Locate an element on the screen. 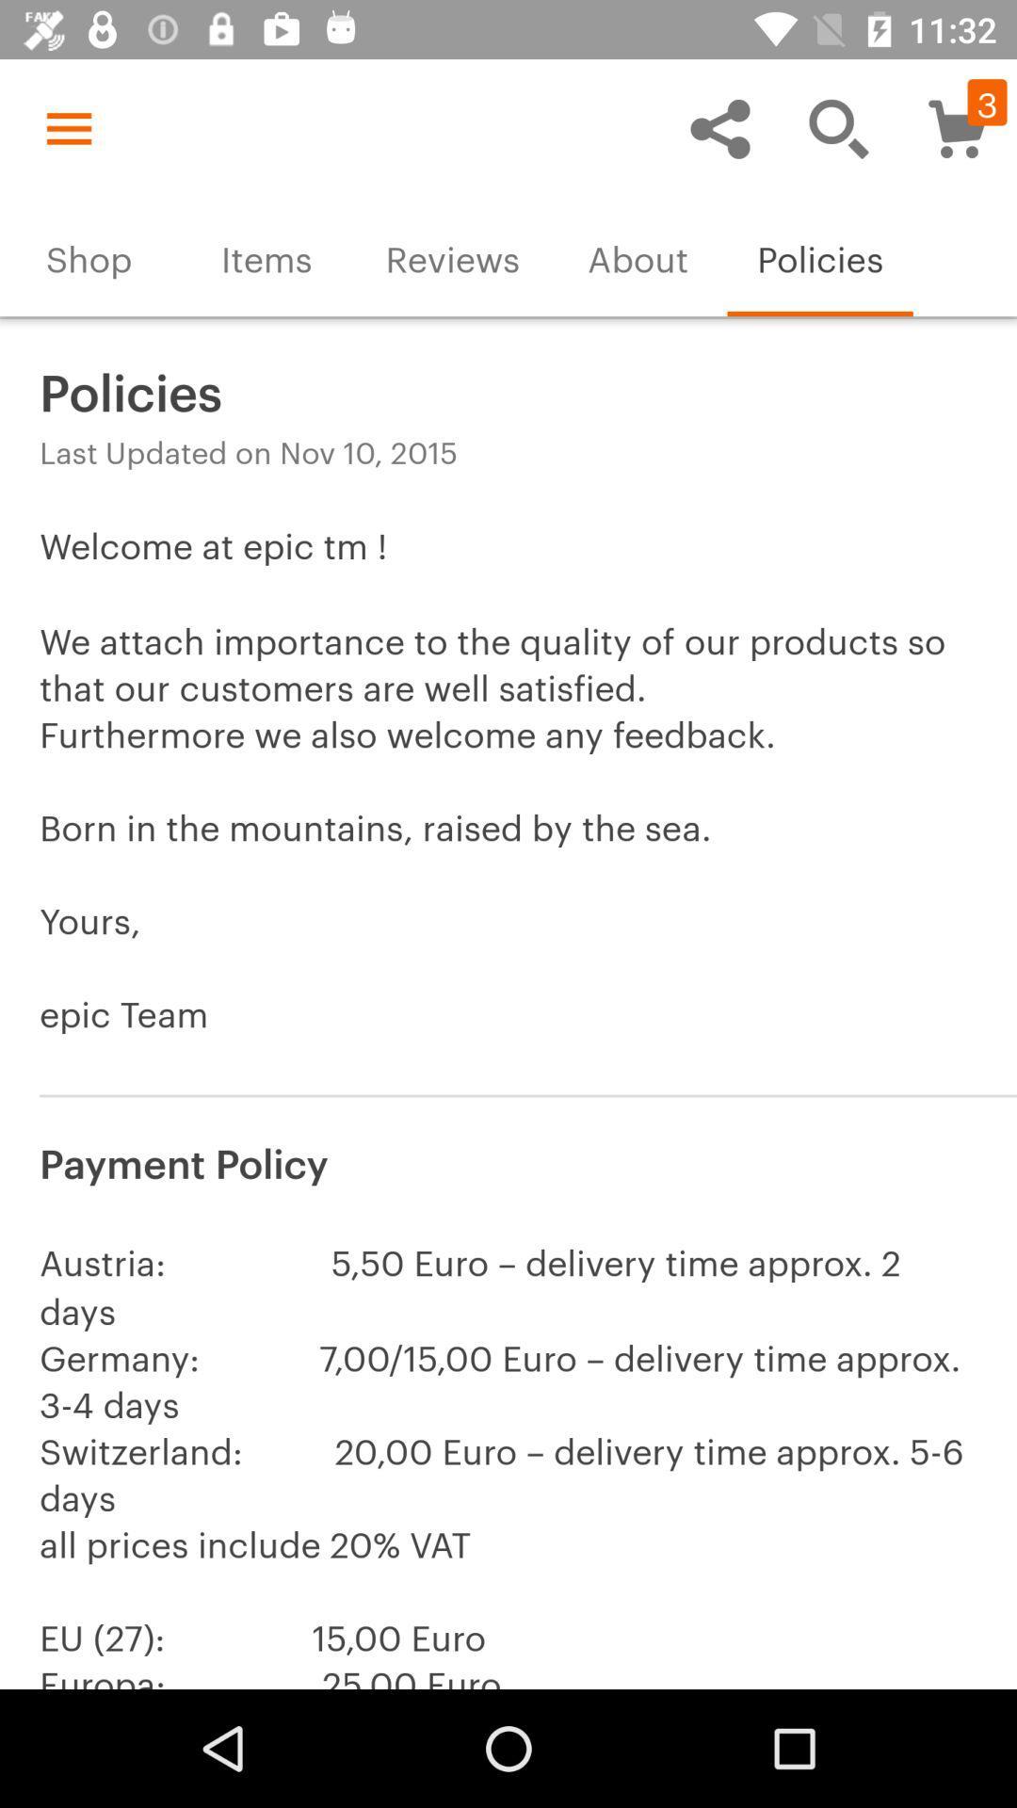 The height and width of the screenshot is (1808, 1017). the austria 5 50 is located at coordinates (508, 1457).